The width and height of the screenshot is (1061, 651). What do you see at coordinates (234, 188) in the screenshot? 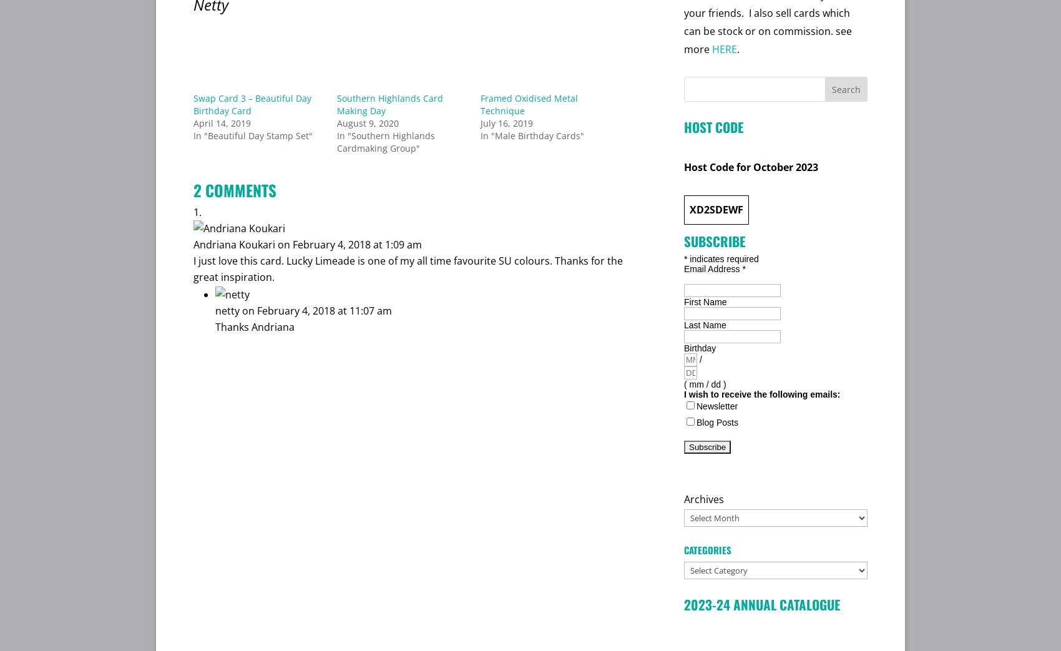
I see `'2 Comments'` at bounding box center [234, 188].